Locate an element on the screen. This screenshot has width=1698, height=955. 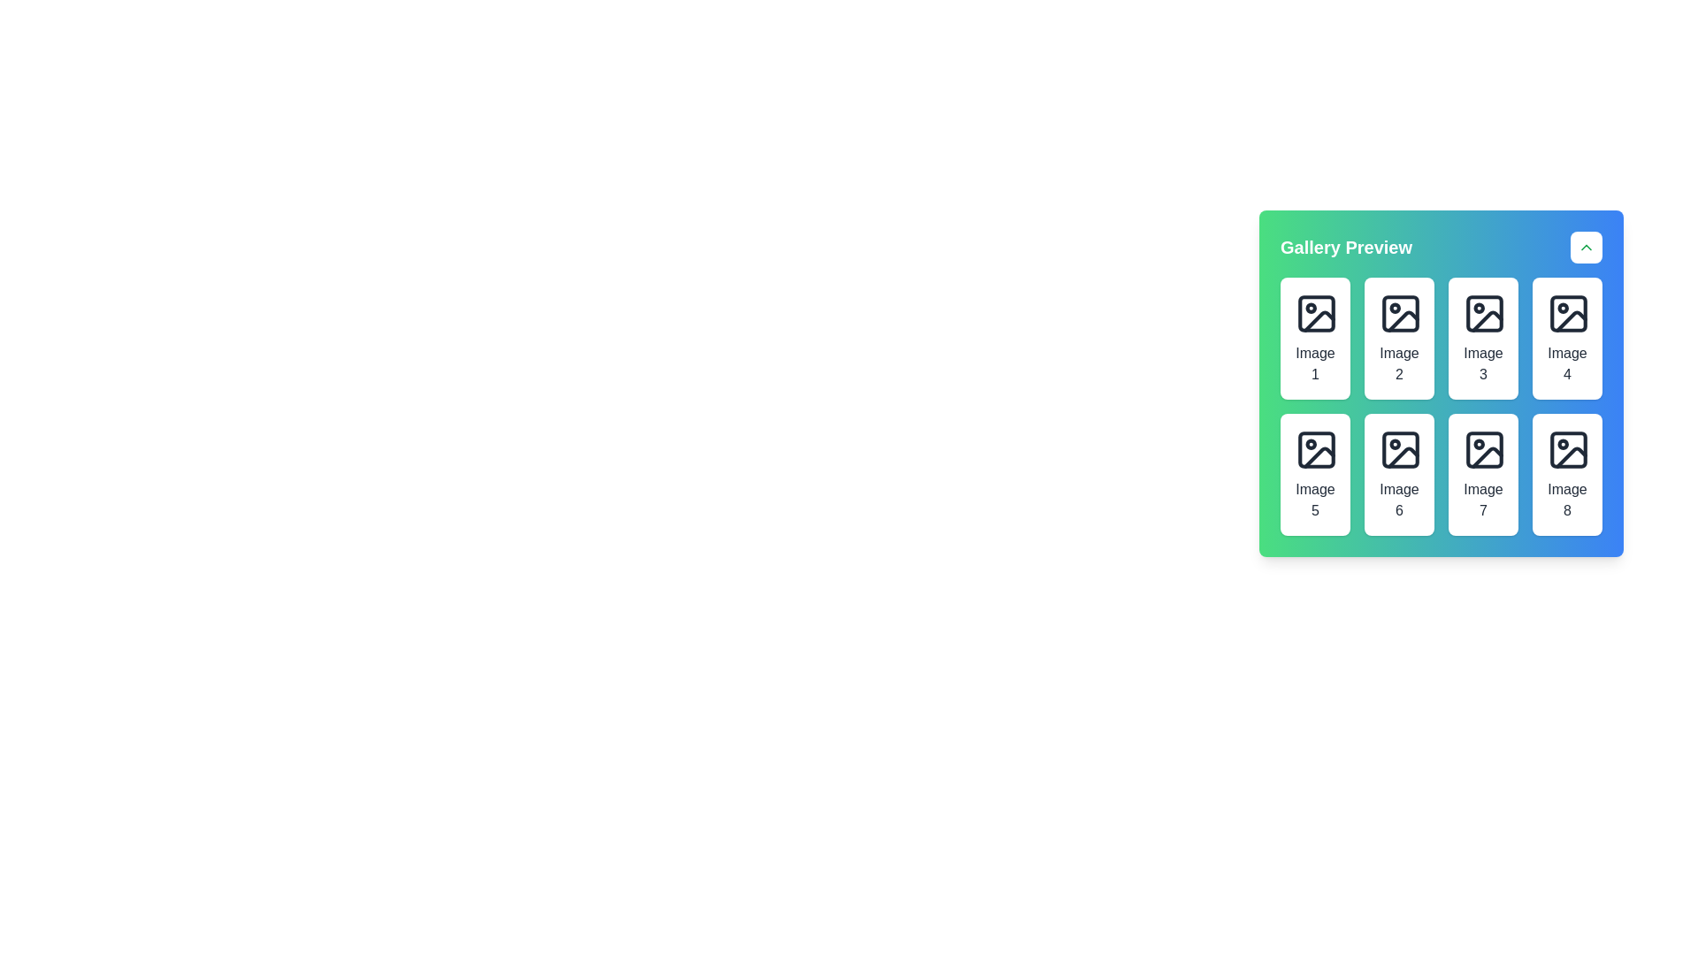
the Decorative SVG rectangle inside the photo icon located in the third position of the top row in the gallery preview section is located at coordinates (1485, 312).